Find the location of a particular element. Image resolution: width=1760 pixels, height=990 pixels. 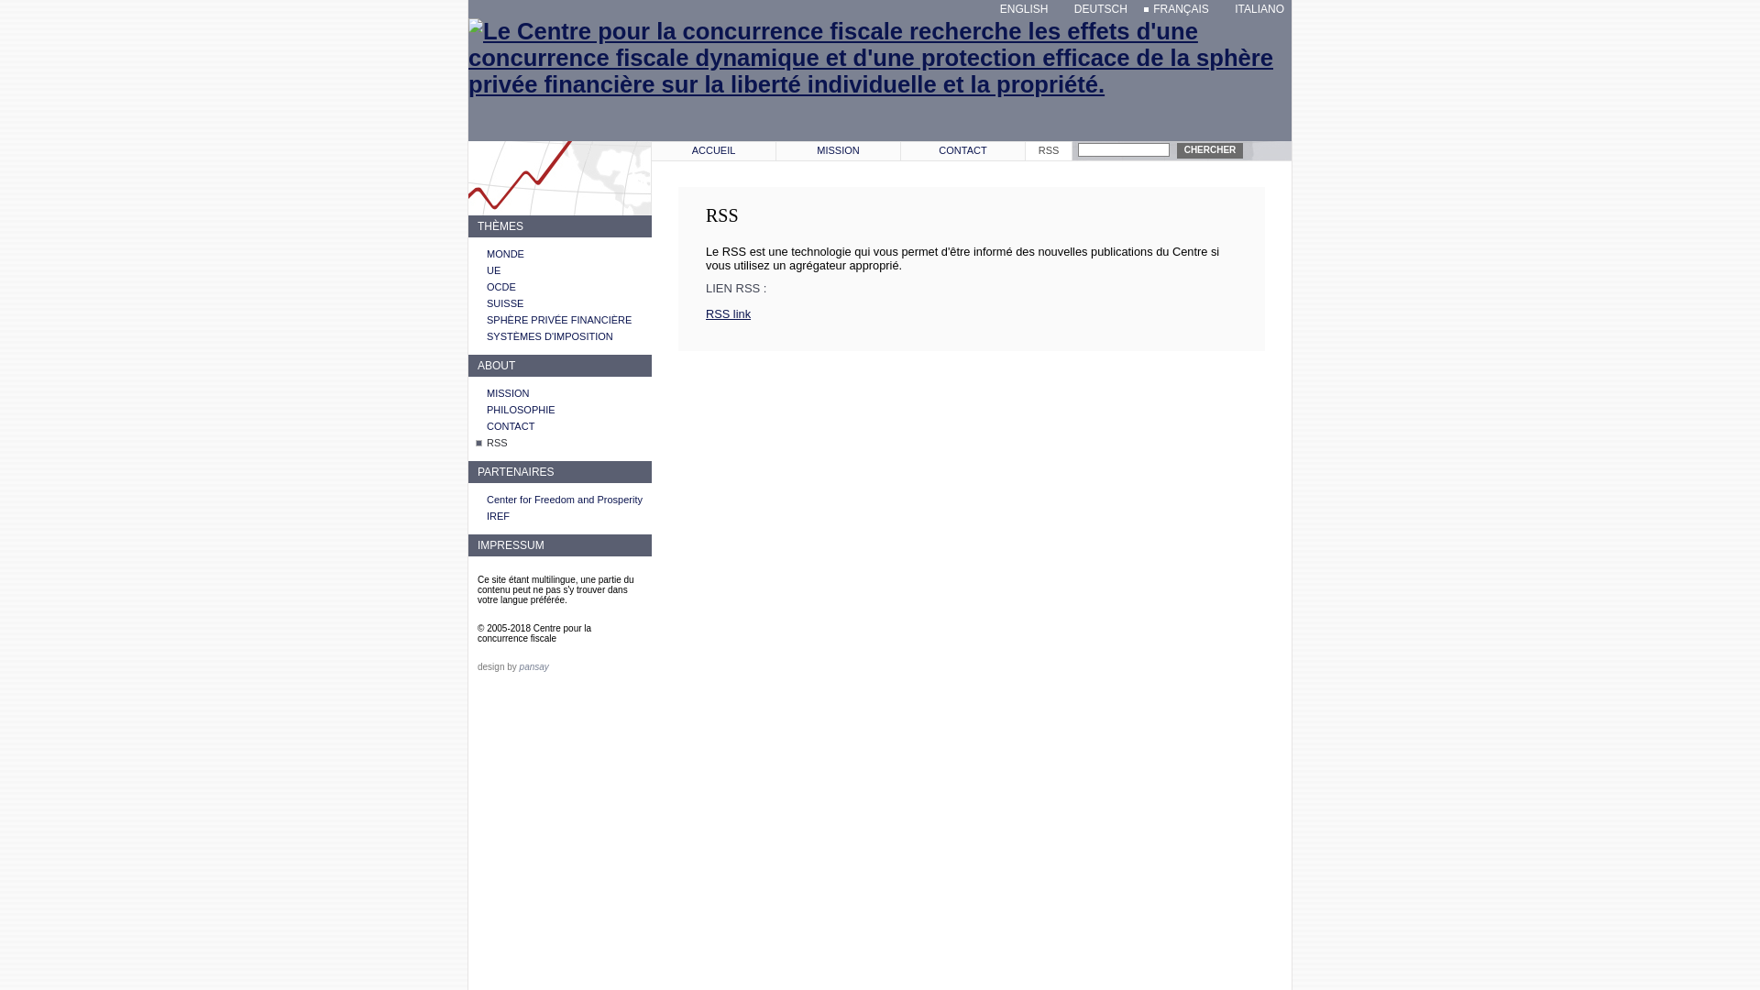

'MISSION' is located at coordinates (507, 391).